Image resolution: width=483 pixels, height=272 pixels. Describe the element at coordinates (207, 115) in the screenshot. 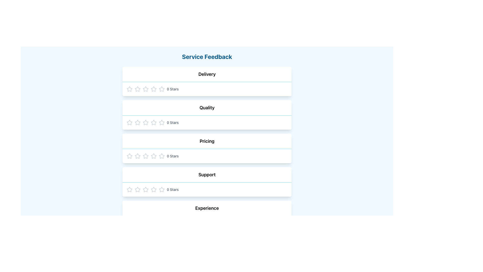

I see `the stars in the Rating Section labeled 'Quality' to rate the service` at that location.